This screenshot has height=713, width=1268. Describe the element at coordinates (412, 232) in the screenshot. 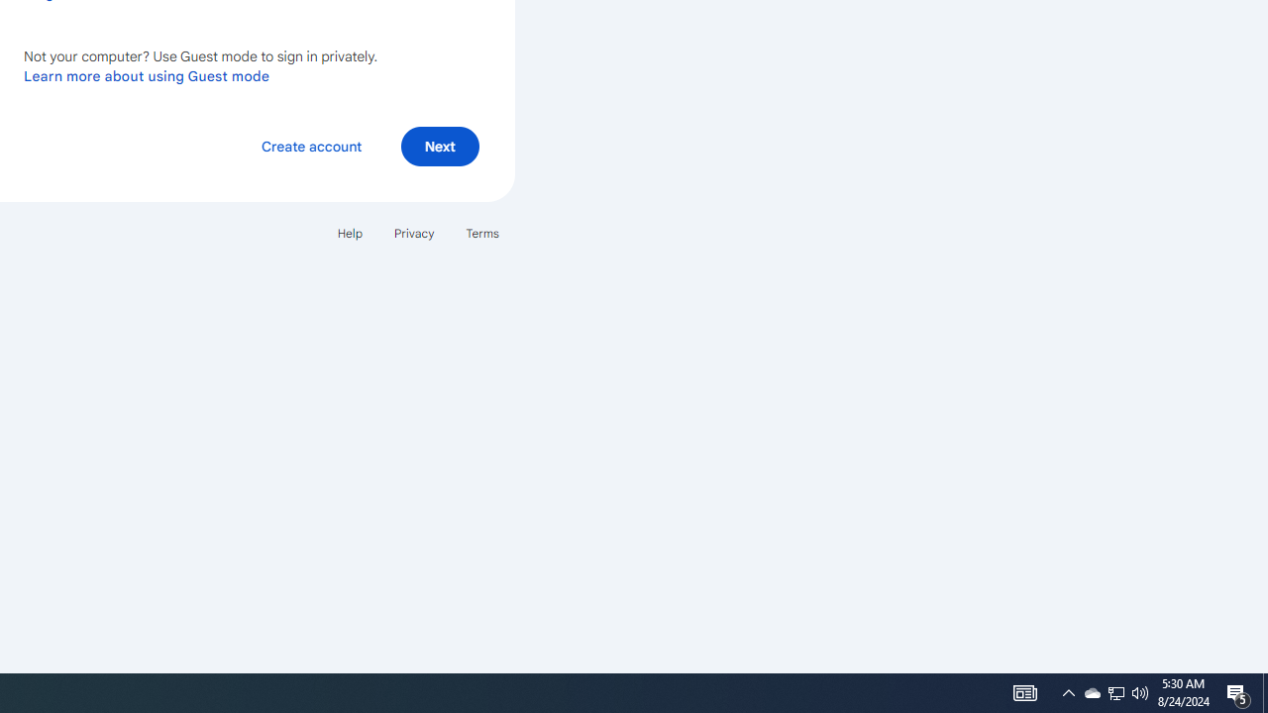

I see `'Privacy'` at that location.